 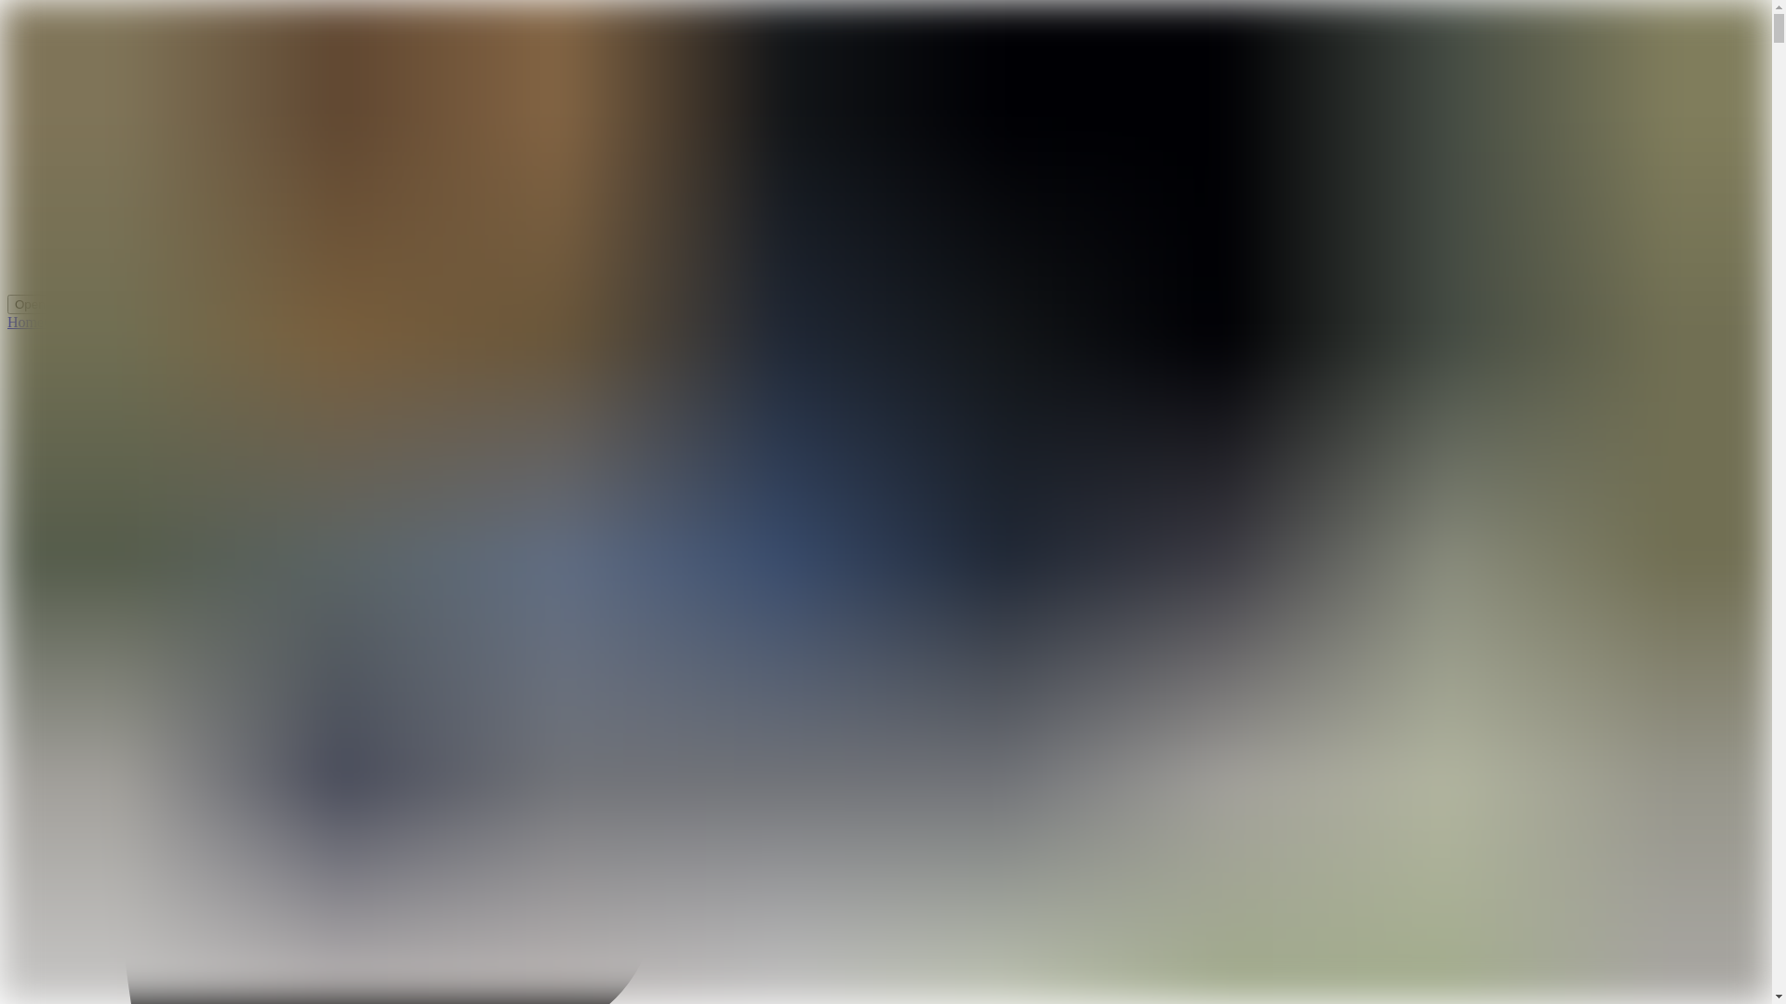 What do you see at coordinates (71, 321) in the screenshot?
I see `'Over ons'` at bounding box center [71, 321].